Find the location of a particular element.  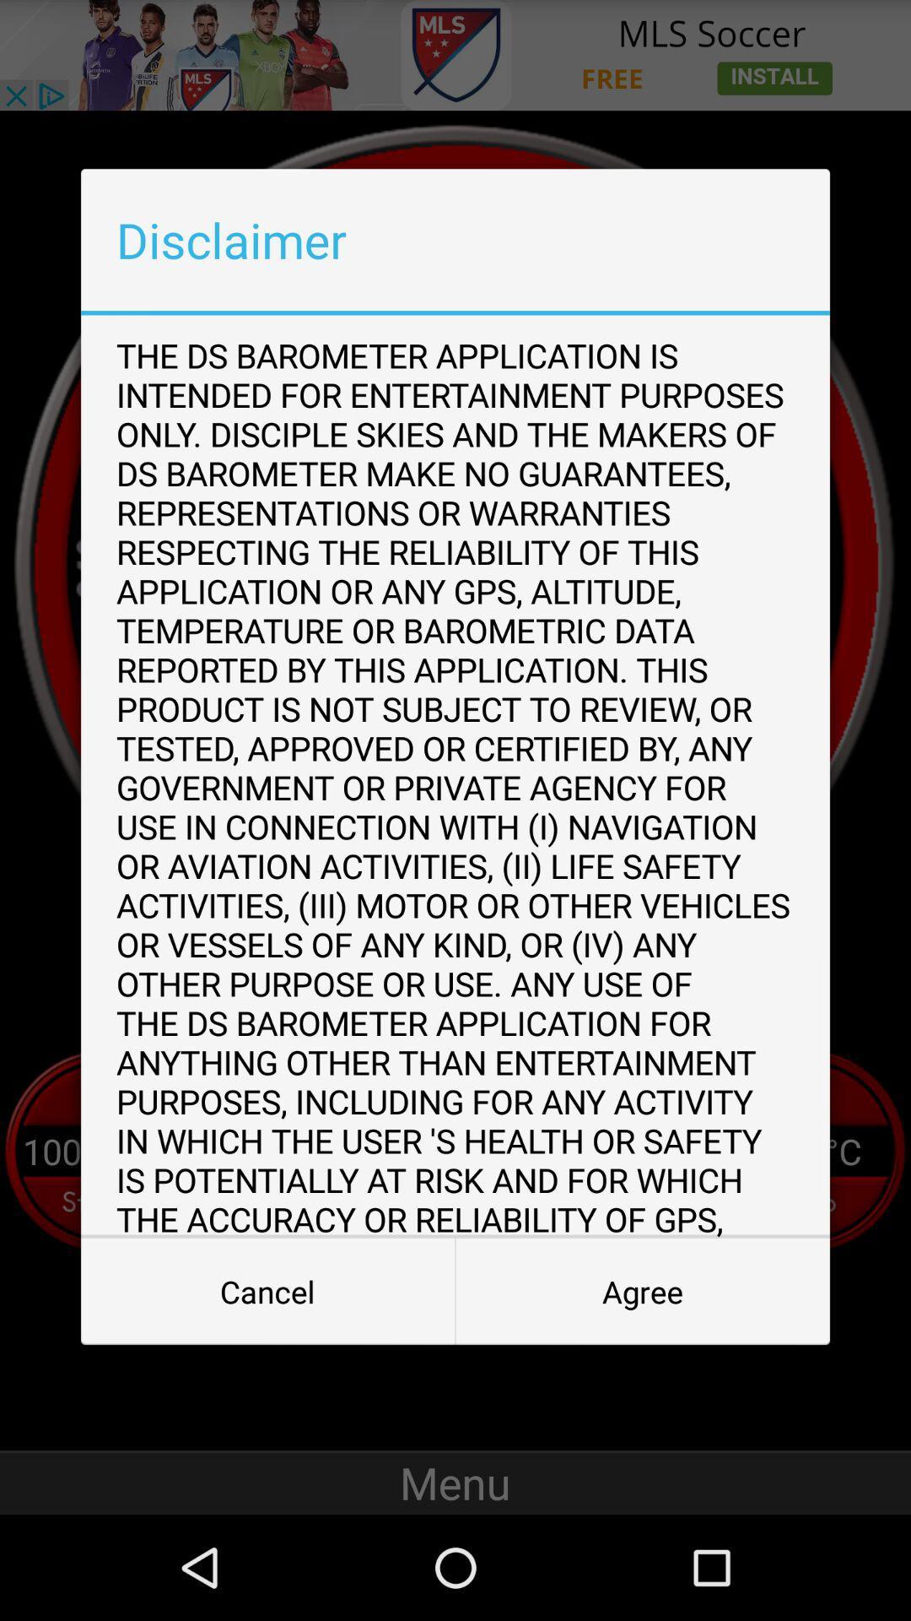

agree button is located at coordinates (643, 1291).